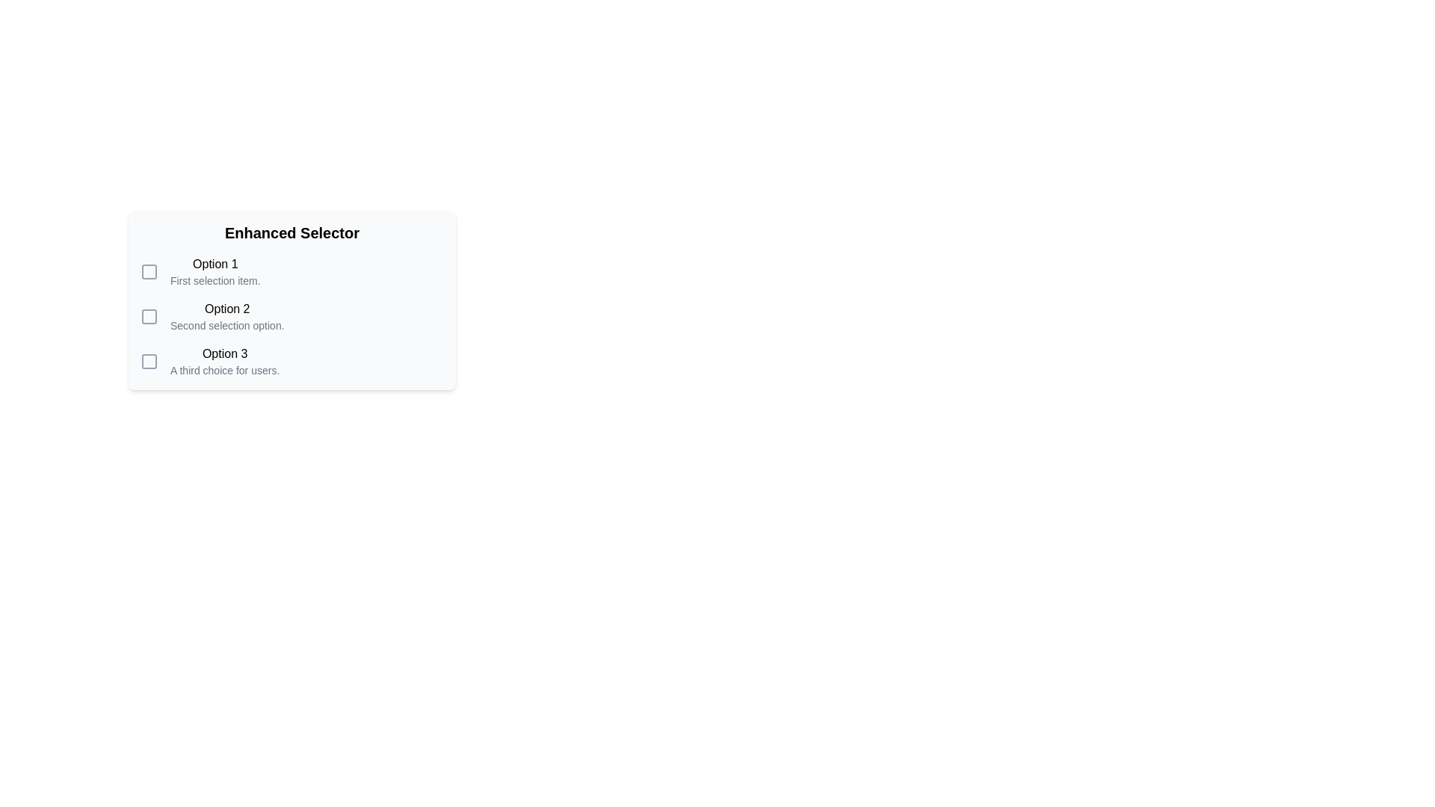  What do you see at coordinates (149, 271) in the screenshot?
I see `the first checkbox in the vertical list of options, located to the left of 'Option 1' and its description, to prepare for interaction` at bounding box center [149, 271].